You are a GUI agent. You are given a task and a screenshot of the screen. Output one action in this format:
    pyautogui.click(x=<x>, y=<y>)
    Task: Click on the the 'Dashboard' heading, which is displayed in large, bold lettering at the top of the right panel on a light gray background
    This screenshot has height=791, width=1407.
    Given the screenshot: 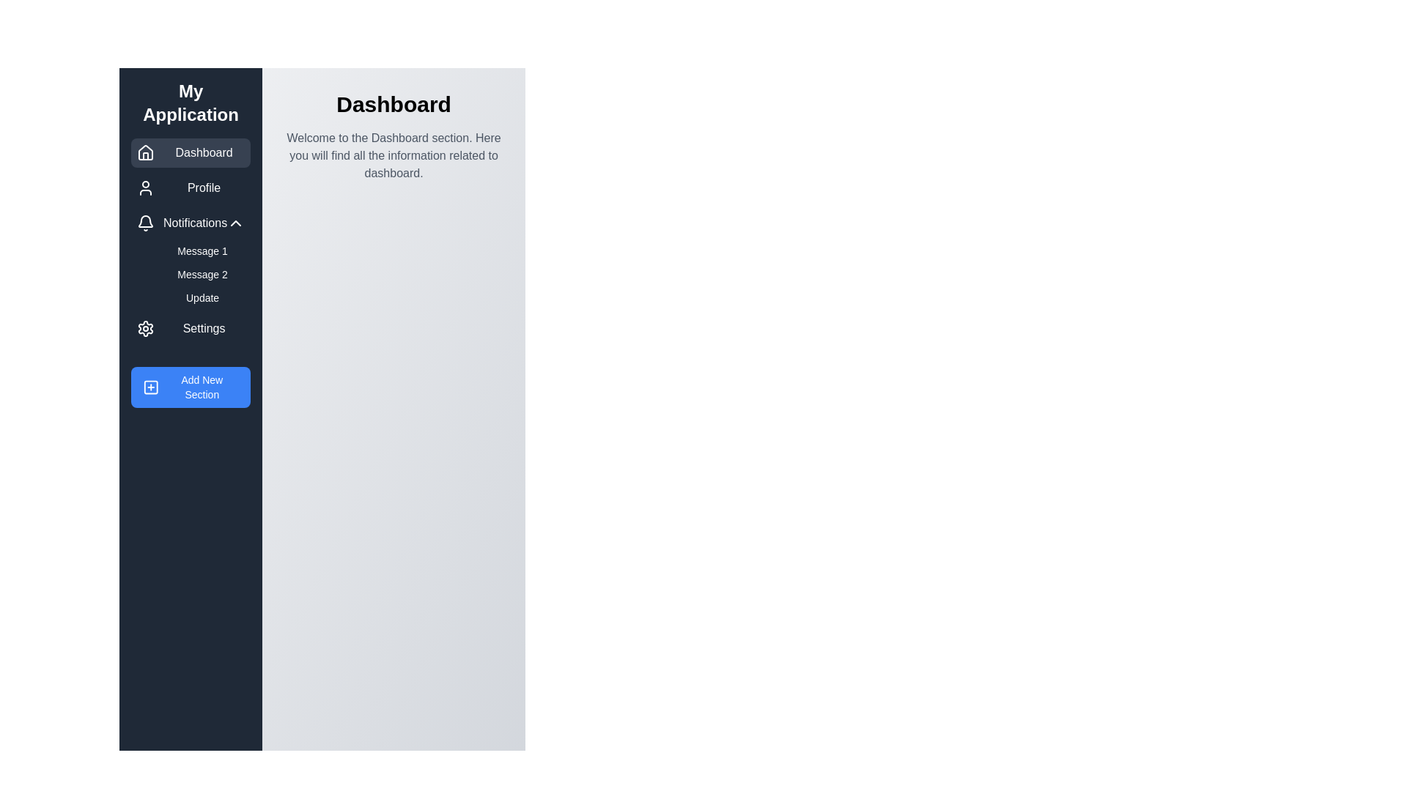 What is the action you would take?
    pyautogui.click(x=394, y=103)
    